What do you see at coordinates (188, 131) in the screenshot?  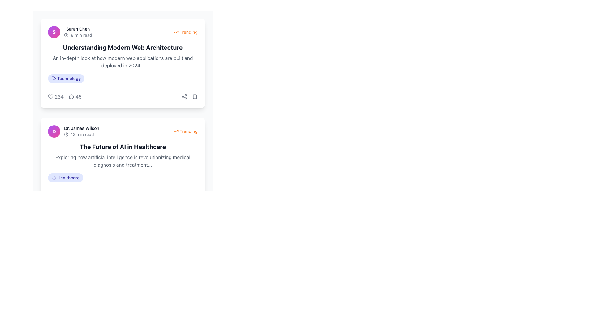 I see `the 'Trending' label located in the upper-right corner of the card under the header 'The Future of AI in Healthcare' to understand the trend status` at bounding box center [188, 131].